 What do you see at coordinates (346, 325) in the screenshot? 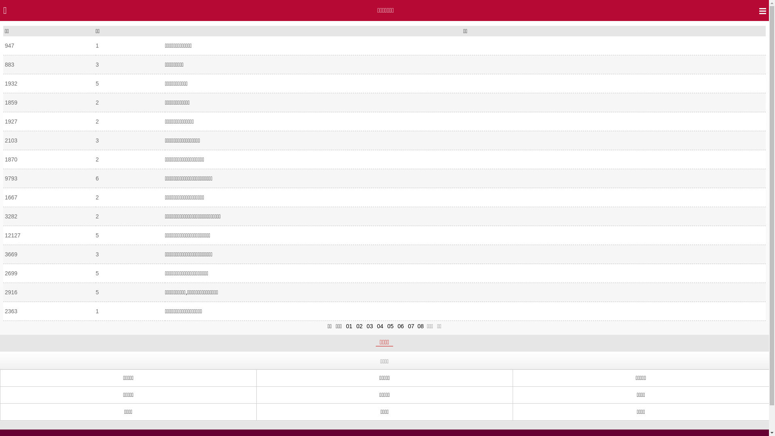
I see `'01'` at bounding box center [346, 325].